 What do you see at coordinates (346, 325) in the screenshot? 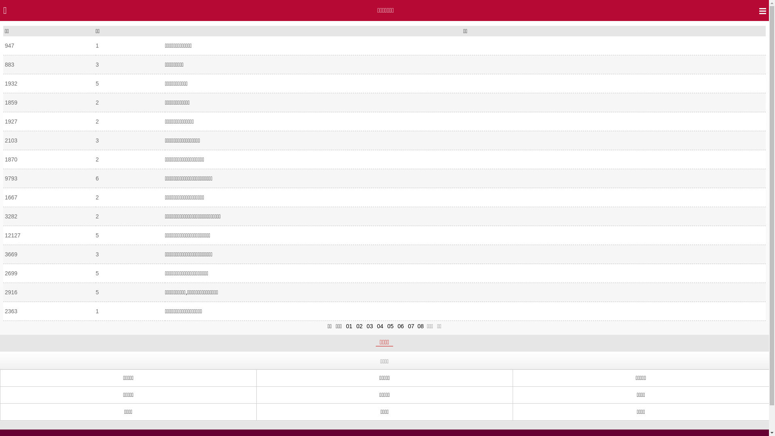
I see `'01'` at bounding box center [346, 325].